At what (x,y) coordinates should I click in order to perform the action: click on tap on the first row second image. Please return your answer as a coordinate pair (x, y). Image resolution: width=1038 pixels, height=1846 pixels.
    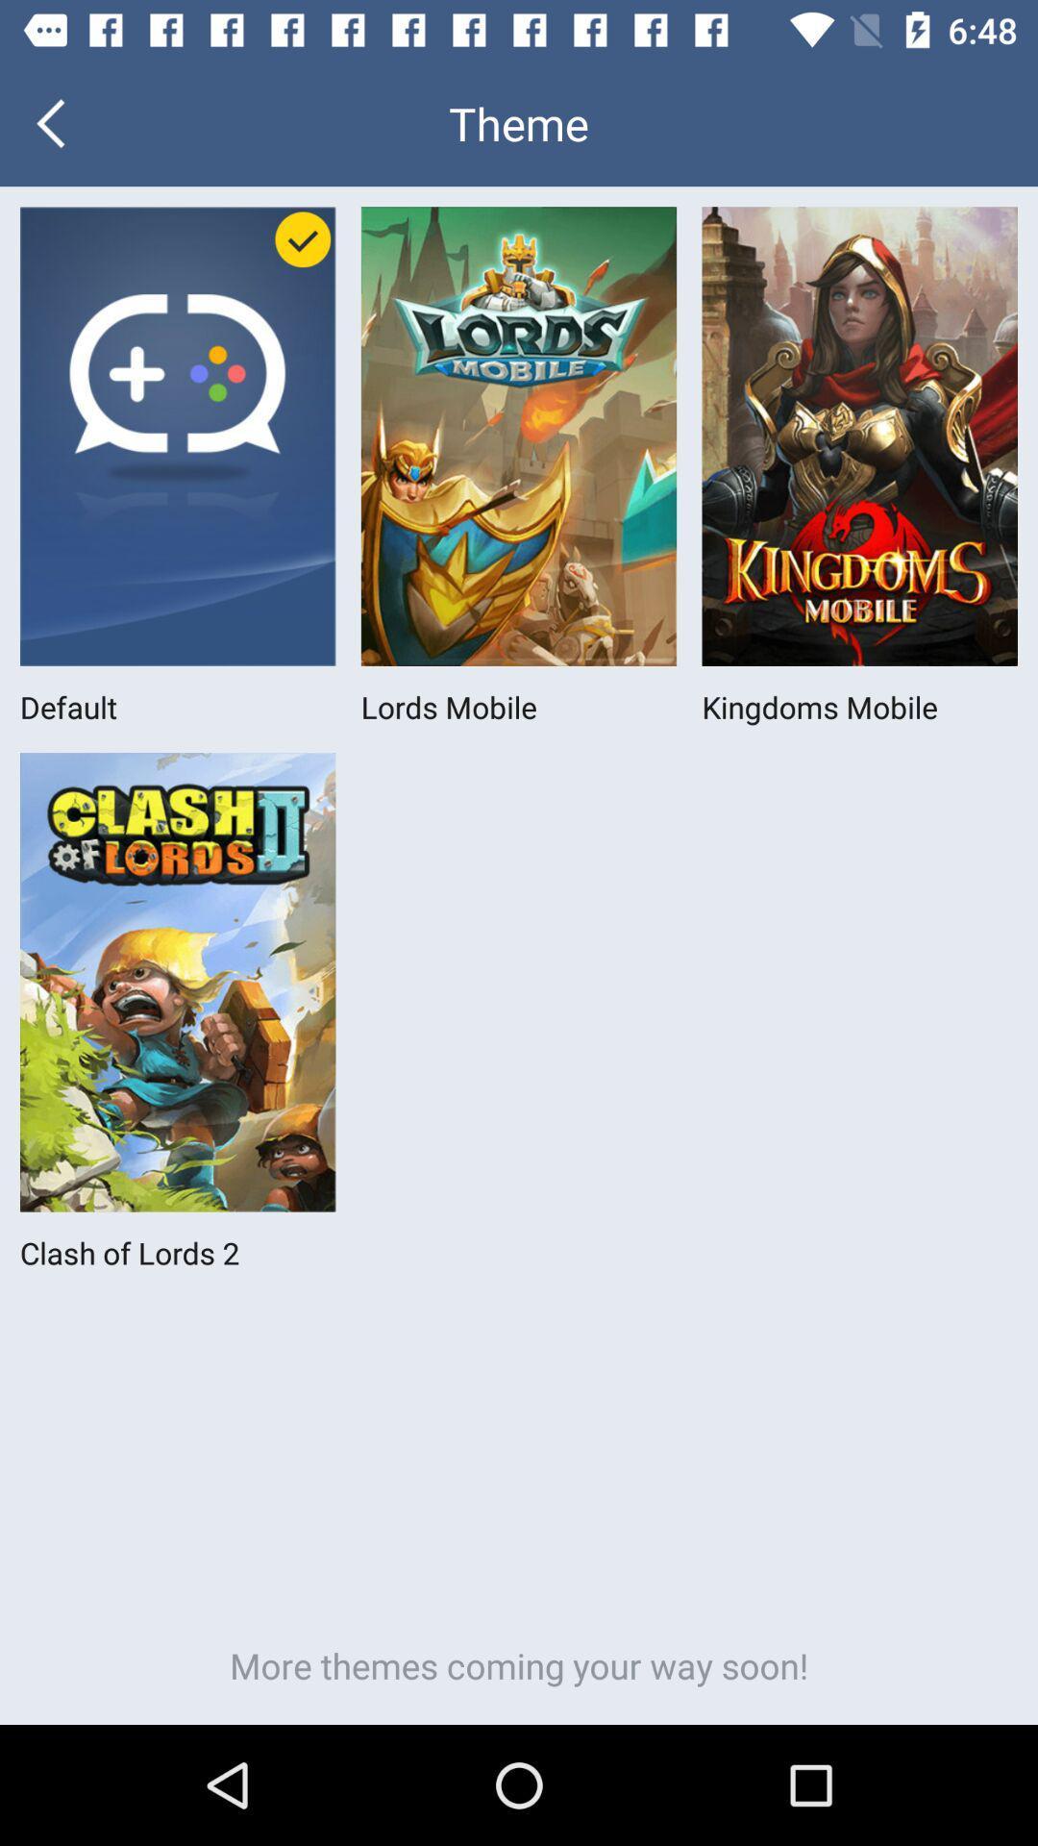
    Looking at the image, I should click on (519, 436).